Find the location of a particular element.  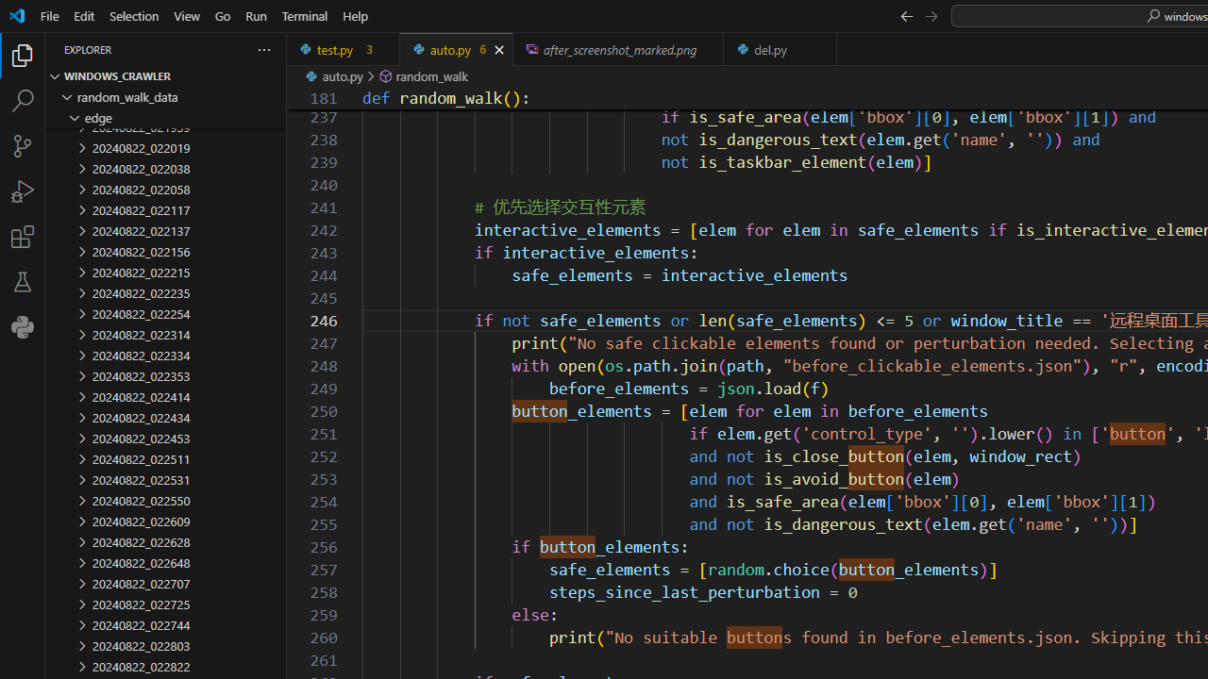

'Source Control (Ctrl+Shift+G)' is located at coordinates (23, 145).